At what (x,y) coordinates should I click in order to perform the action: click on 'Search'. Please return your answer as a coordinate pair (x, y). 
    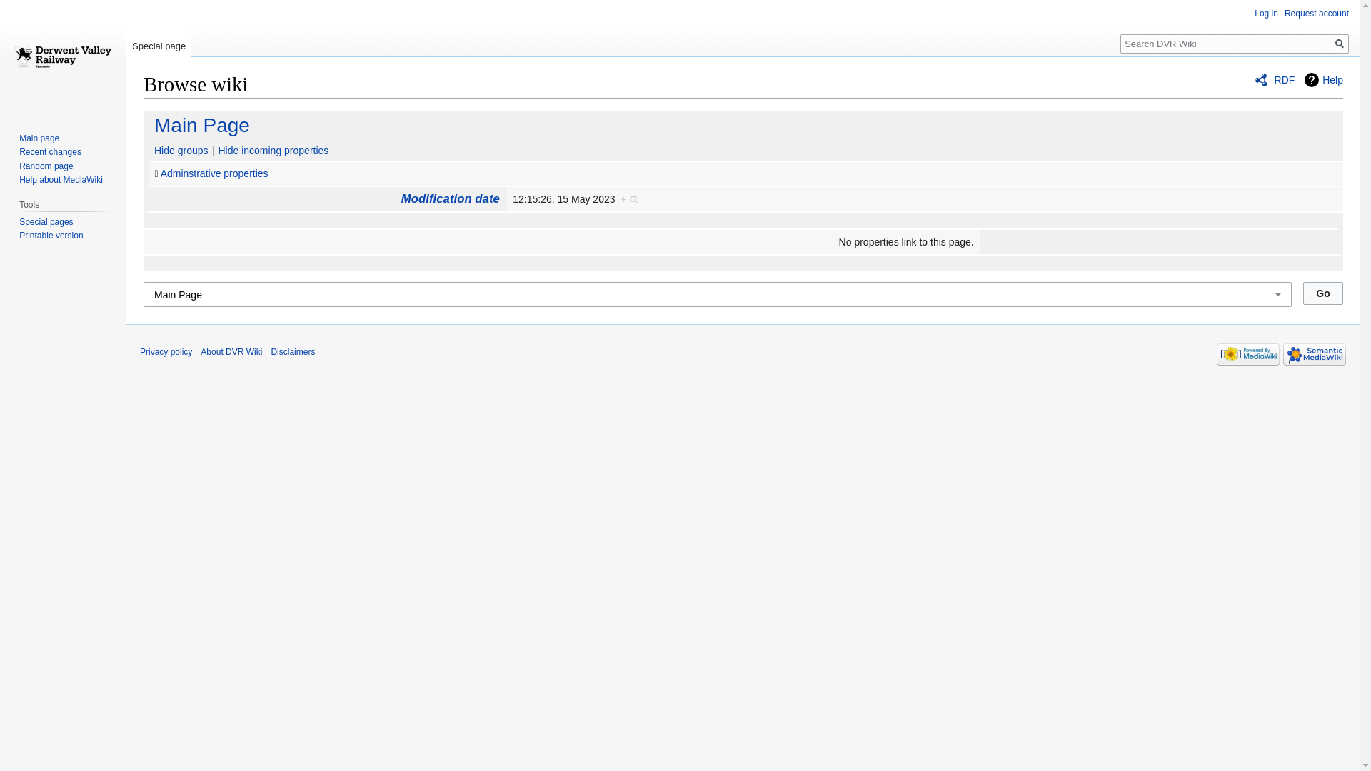
    Looking at the image, I should click on (1330, 43).